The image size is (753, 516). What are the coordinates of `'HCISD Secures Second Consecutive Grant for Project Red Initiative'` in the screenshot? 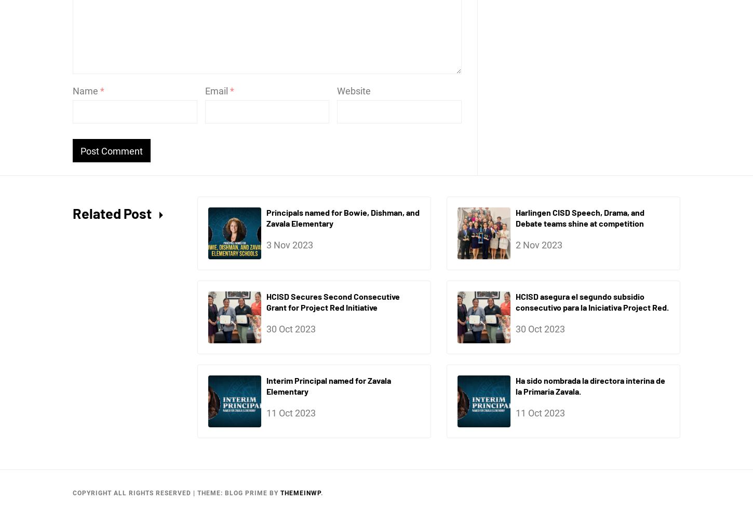 It's located at (332, 300).